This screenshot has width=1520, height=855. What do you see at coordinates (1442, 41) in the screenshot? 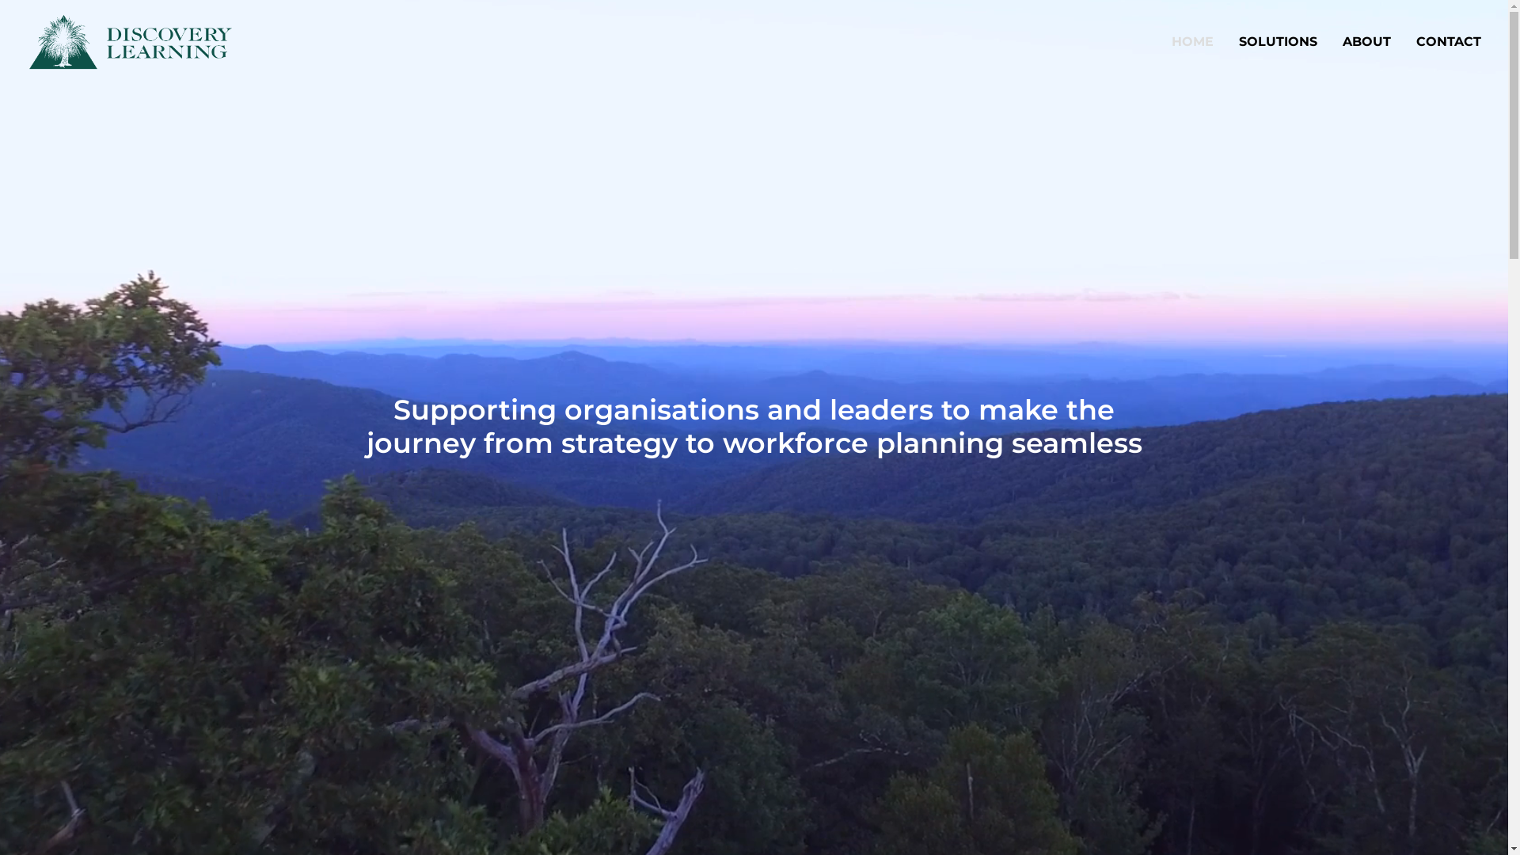
I see `'CONTACT'` at bounding box center [1442, 41].